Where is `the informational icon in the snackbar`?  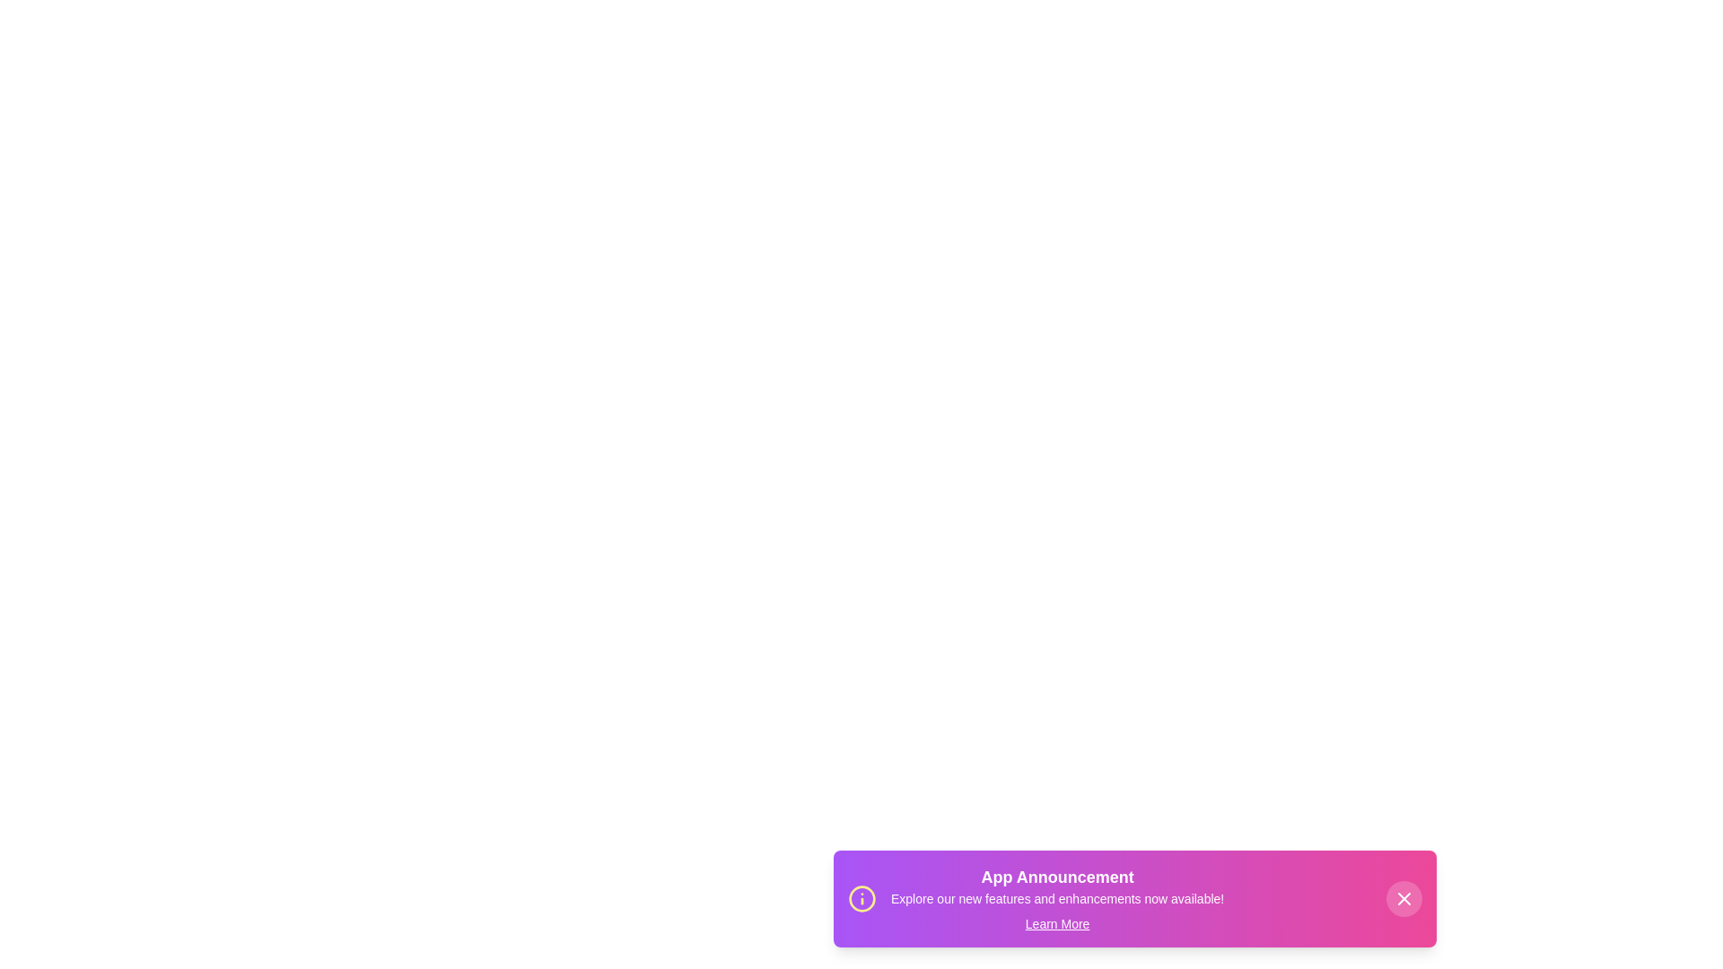 the informational icon in the snackbar is located at coordinates (861, 899).